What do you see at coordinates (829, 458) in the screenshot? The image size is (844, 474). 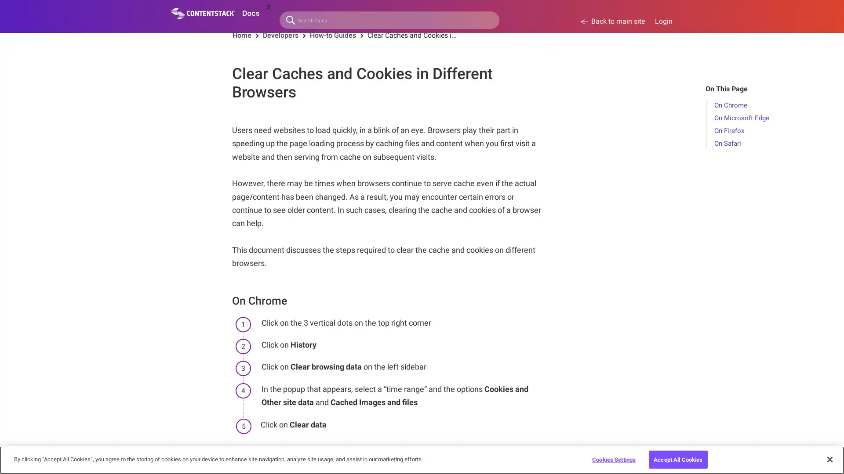 I see `Close` at bounding box center [829, 458].